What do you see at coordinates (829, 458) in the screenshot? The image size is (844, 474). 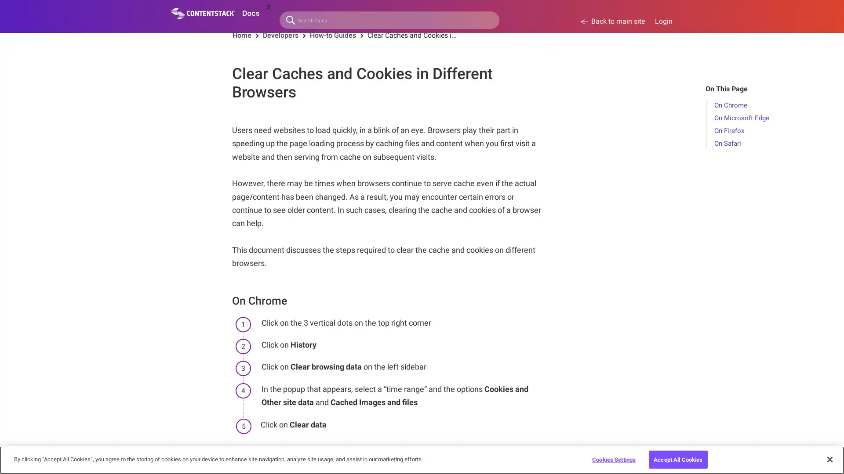 I see `Close` at bounding box center [829, 458].